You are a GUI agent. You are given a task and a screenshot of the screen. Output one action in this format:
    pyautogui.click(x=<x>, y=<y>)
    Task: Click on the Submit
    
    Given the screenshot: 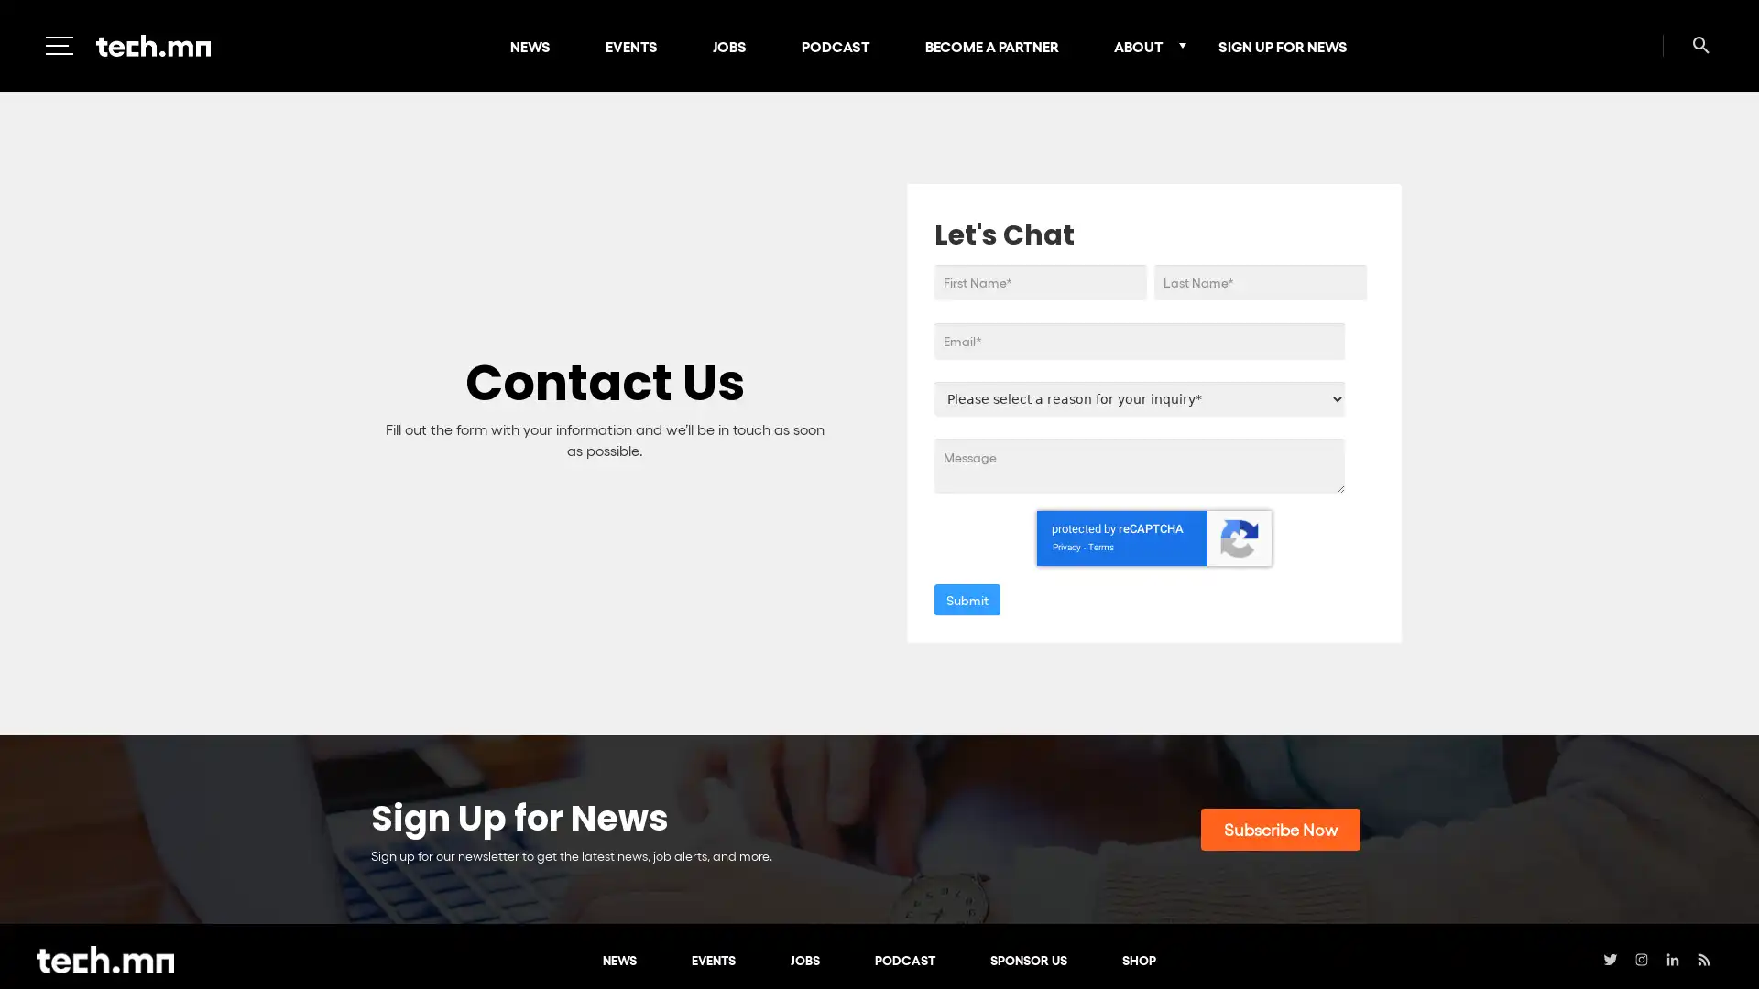 What is the action you would take?
    pyautogui.click(x=967, y=599)
    